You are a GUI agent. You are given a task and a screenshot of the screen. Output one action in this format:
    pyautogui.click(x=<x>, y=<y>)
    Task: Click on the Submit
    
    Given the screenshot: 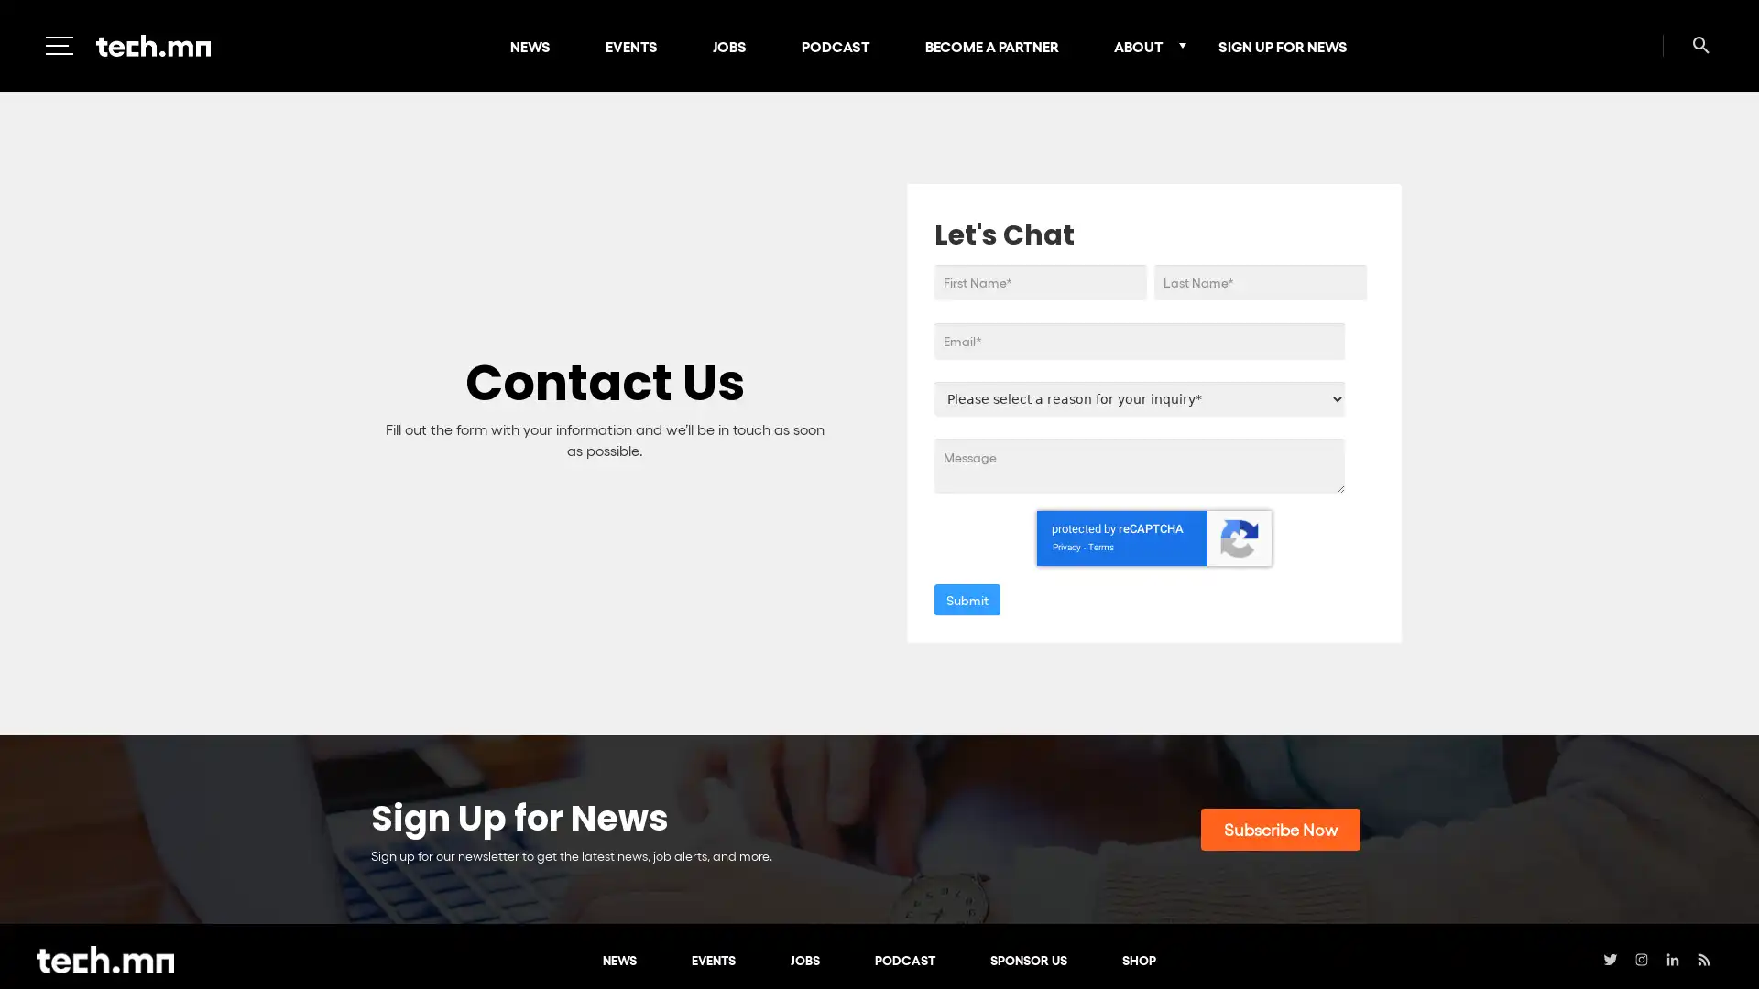 What is the action you would take?
    pyautogui.click(x=967, y=599)
    